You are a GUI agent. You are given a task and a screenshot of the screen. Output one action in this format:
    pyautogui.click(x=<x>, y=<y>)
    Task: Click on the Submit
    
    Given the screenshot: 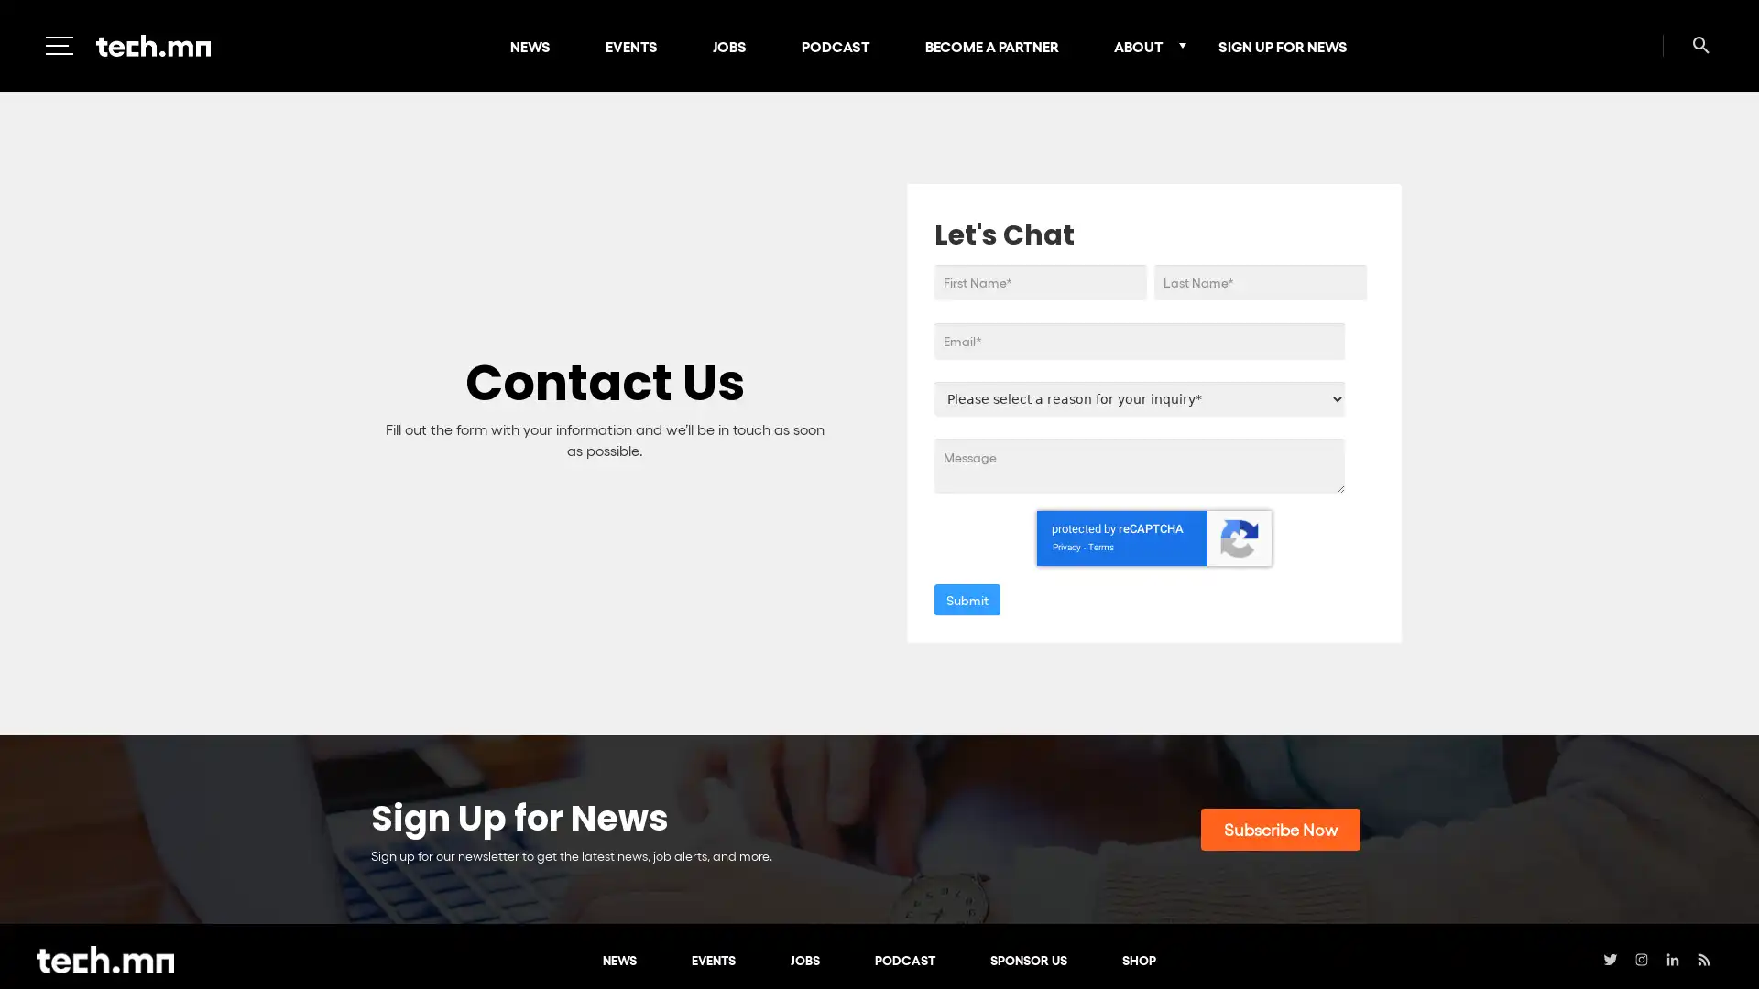 What is the action you would take?
    pyautogui.click(x=967, y=599)
    